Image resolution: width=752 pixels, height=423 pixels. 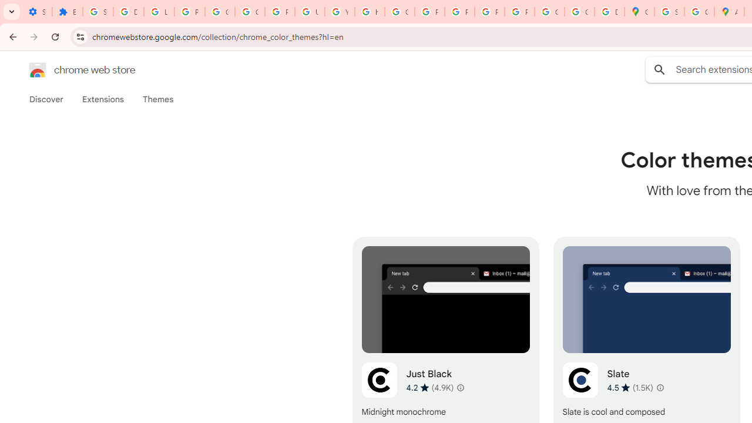 I want to click on 'Google Maps', so click(x=639, y=12).